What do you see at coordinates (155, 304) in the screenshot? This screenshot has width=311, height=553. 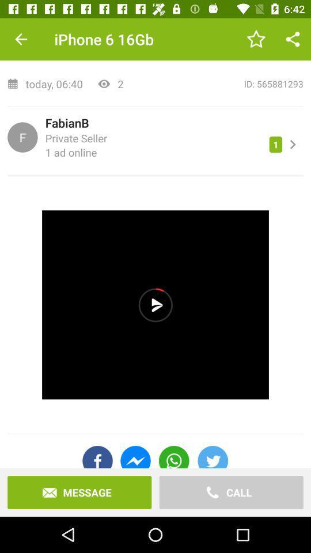 I see `a arrow that points to the right and is used for playing a video` at bounding box center [155, 304].